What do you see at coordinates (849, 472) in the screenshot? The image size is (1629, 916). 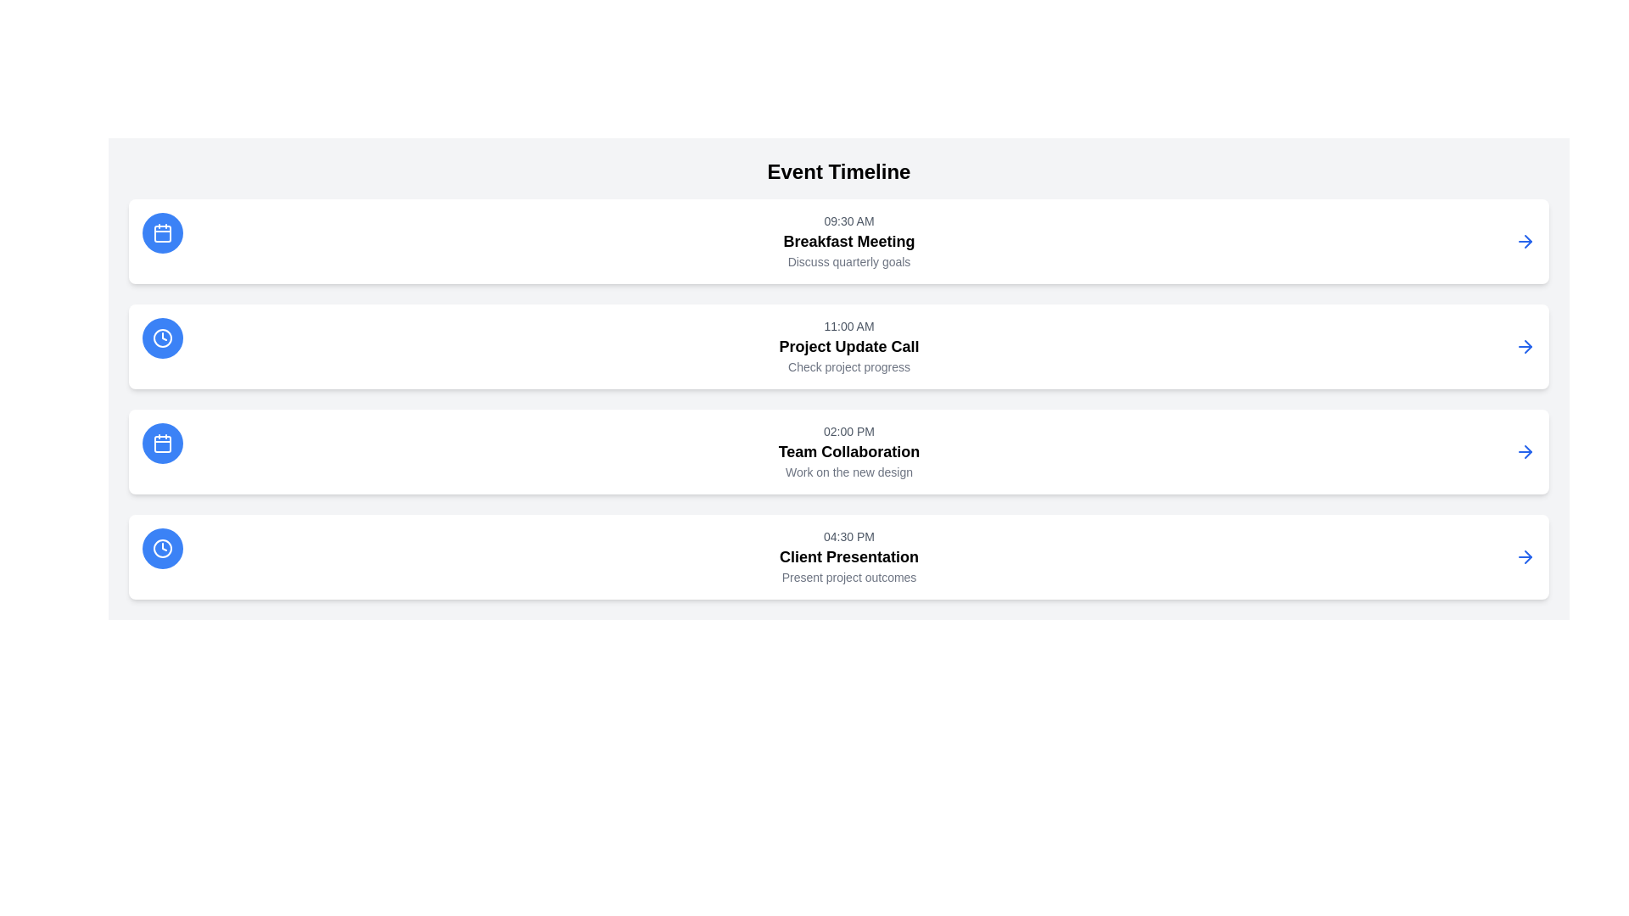 I see `the Text Display that provides additional details about the 'Team Collaboration' event scheduled for 02:00 PM, located directly below the event title` at bounding box center [849, 472].